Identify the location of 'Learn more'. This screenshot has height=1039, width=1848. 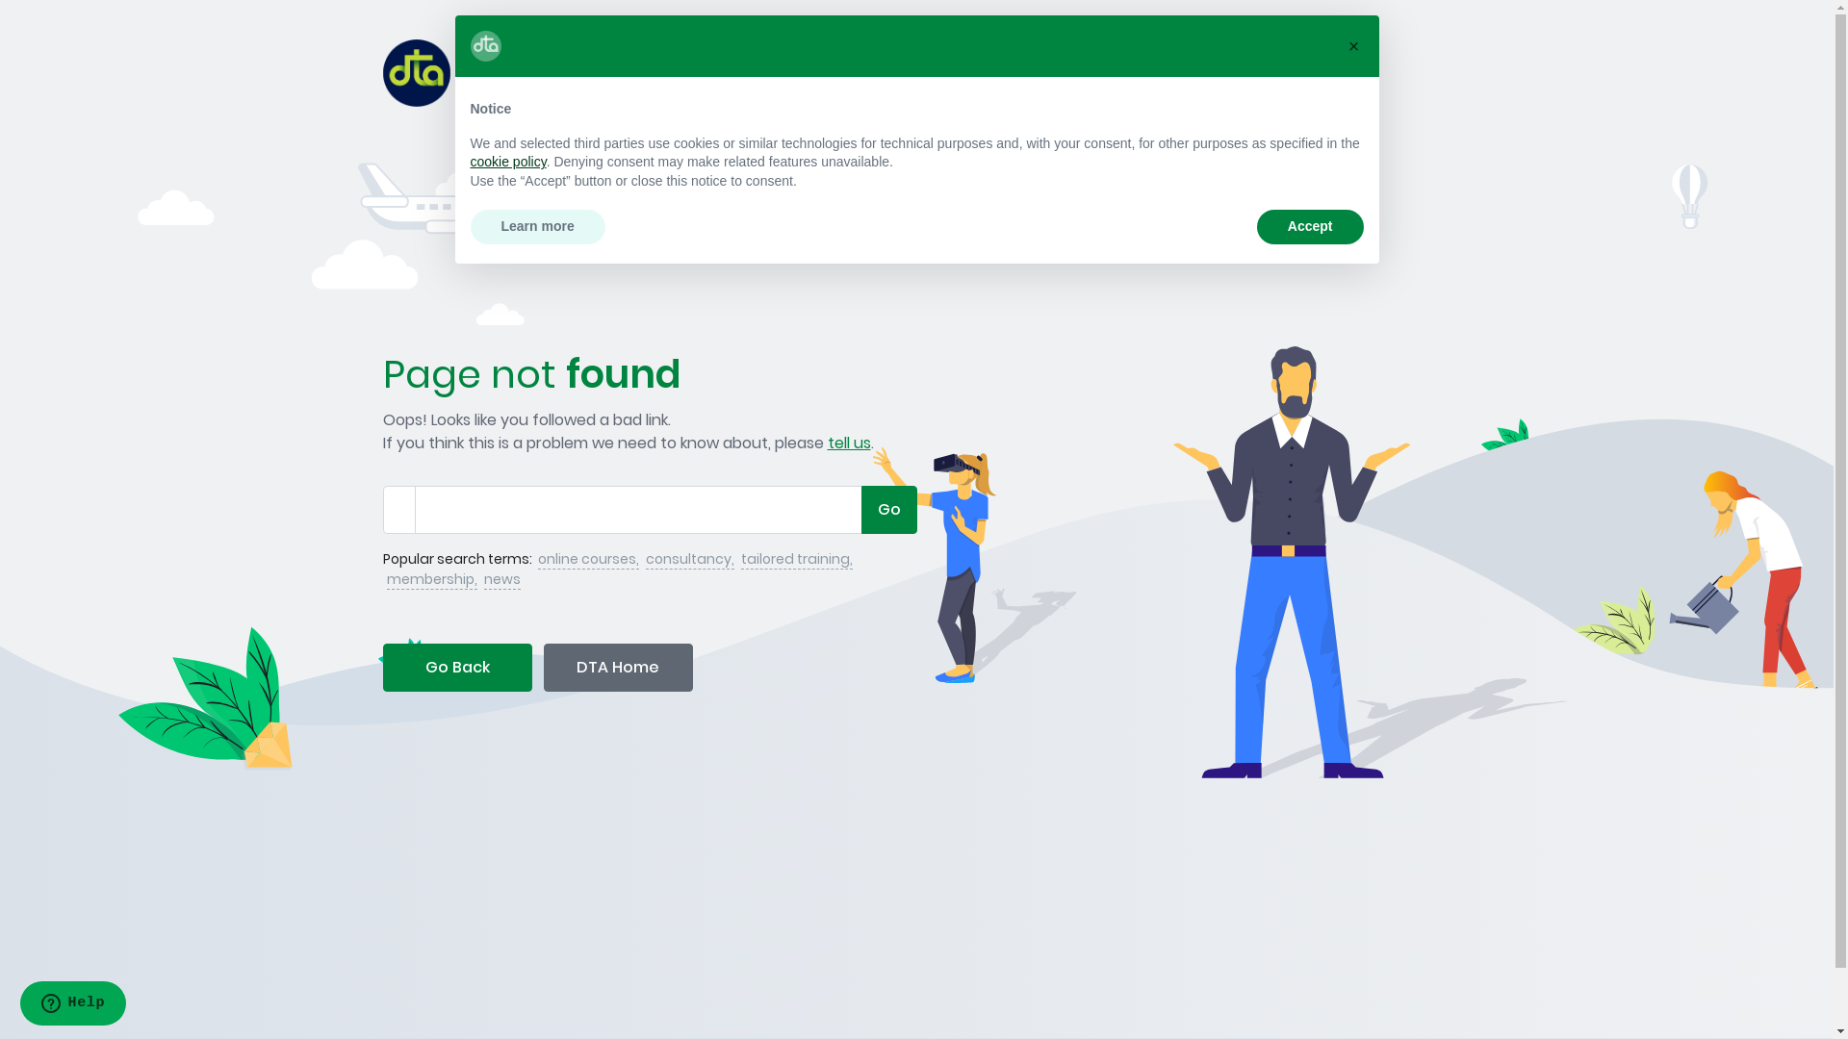
(536, 225).